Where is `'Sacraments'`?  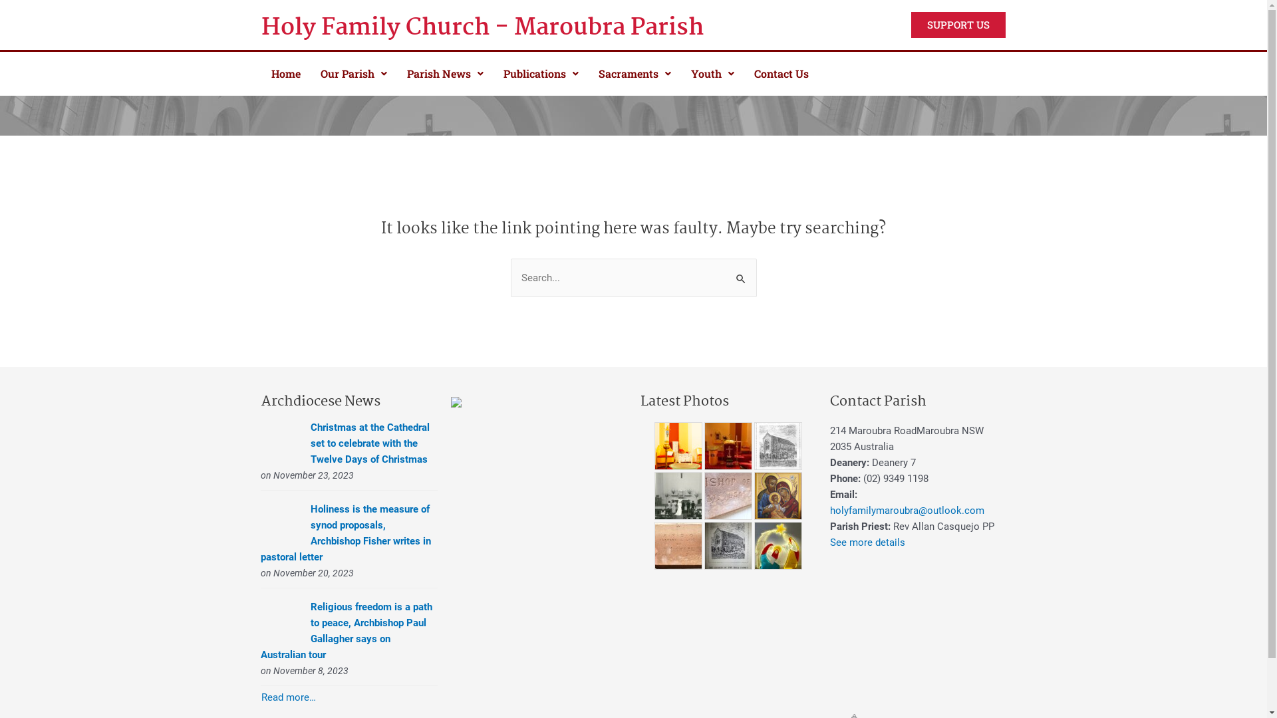
'Sacraments' is located at coordinates (633, 74).